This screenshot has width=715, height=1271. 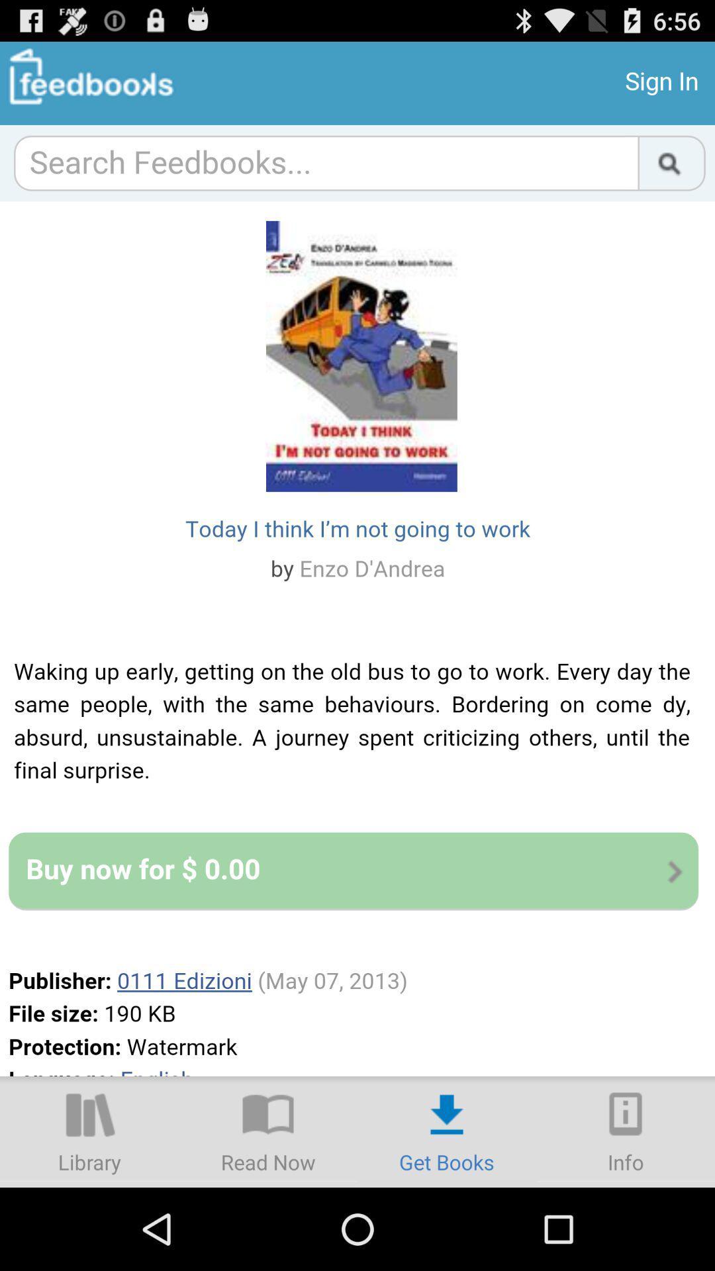 What do you see at coordinates (268, 1131) in the screenshot?
I see `read now` at bounding box center [268, 1131].